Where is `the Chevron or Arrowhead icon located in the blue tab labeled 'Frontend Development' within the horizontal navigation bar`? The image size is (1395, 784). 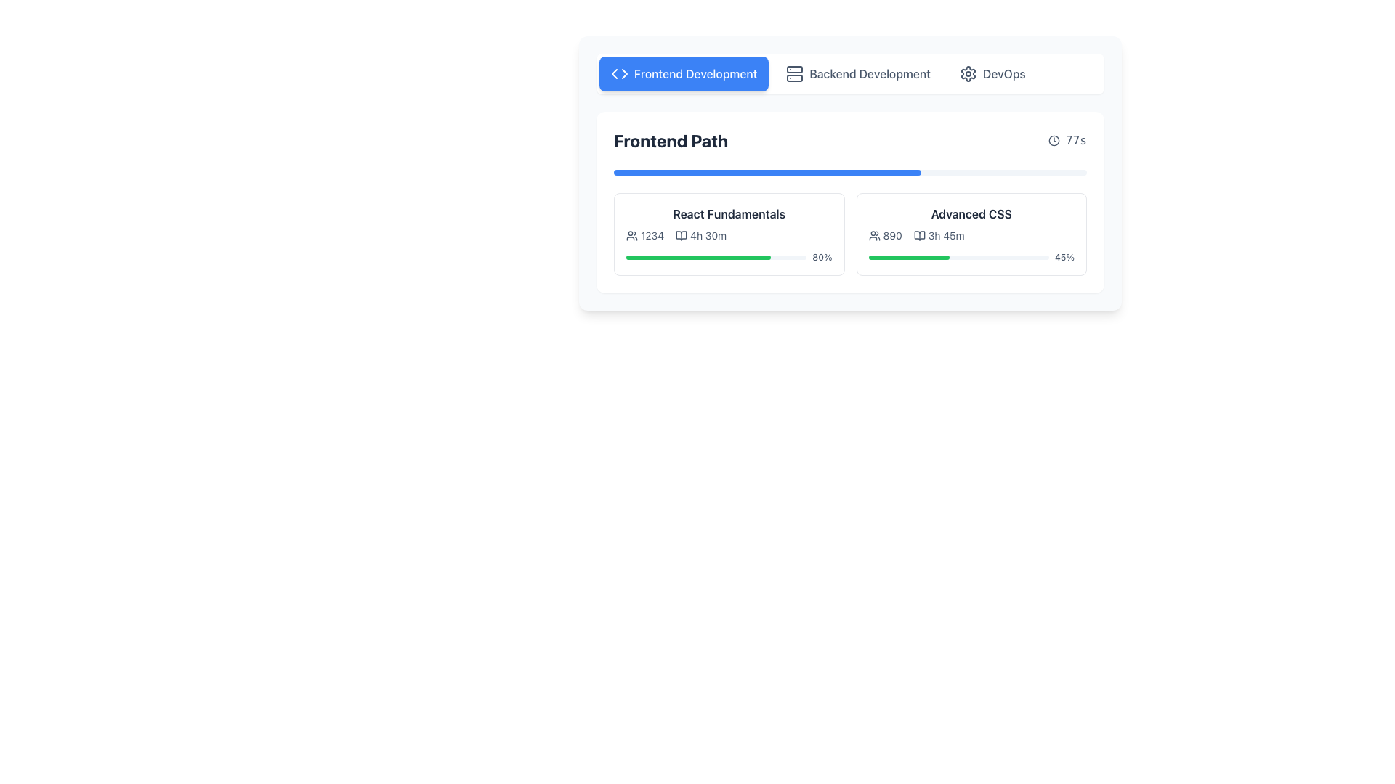 the Chevron or Arrowhead icon located in the blue tab labeled 'Frontend Development' within the horizontal navigation bar is located at coordinates (614, 73).